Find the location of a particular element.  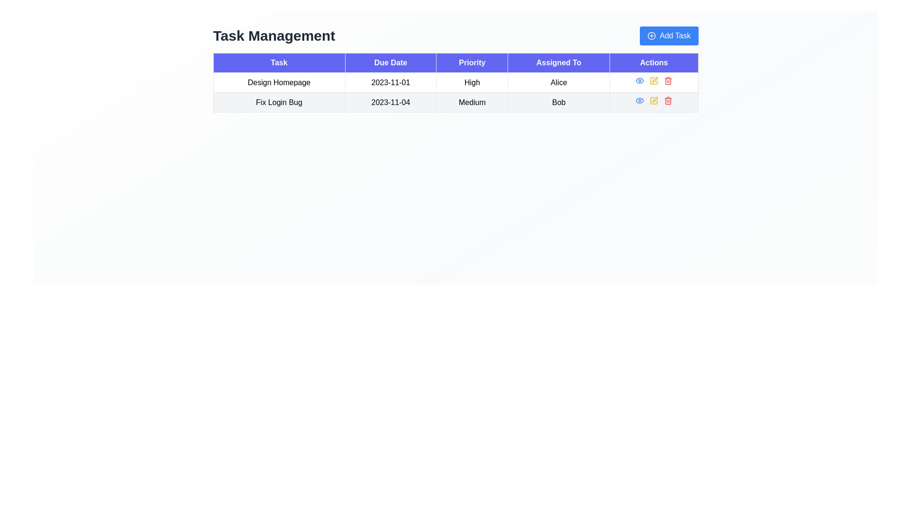

the red trash can icon button in the 'Actions' column of the table on the second row, corresponding to the task 'Fix Login Bug' is located at coordinates (667, 80).